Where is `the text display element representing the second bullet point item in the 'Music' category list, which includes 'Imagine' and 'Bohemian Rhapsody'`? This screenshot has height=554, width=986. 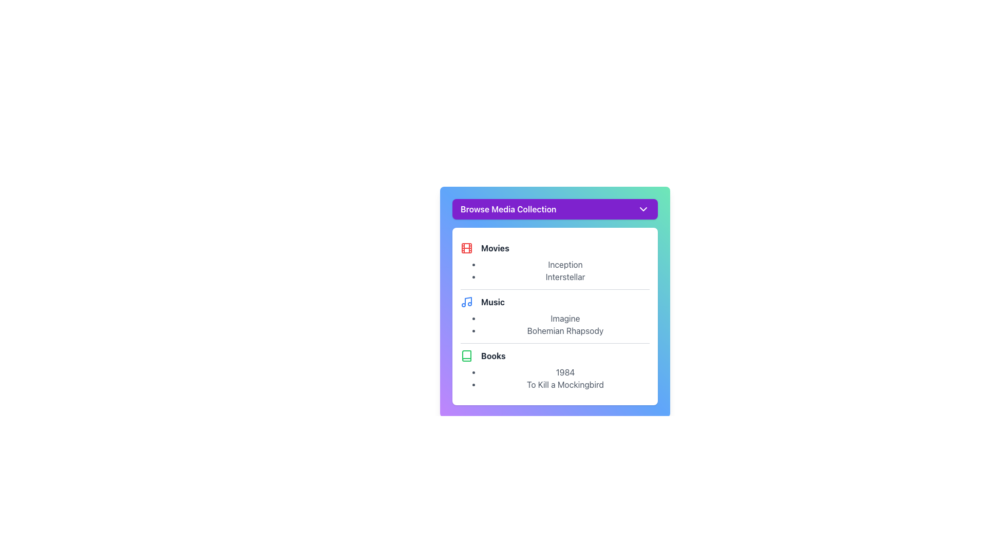 the text display element representing the second bullet point item in the 'Music' category list, which includes 'Imagine' and 'Bohemian Rhapsody' is located at coordinates (564, 324).